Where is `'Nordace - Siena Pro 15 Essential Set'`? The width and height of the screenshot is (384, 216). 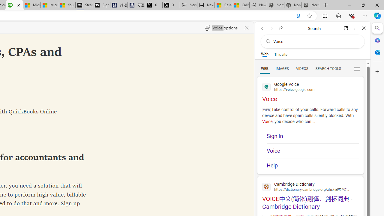
'Nordace - Siena Pro 15 Essential Set' is located at coordinates (310, 5).